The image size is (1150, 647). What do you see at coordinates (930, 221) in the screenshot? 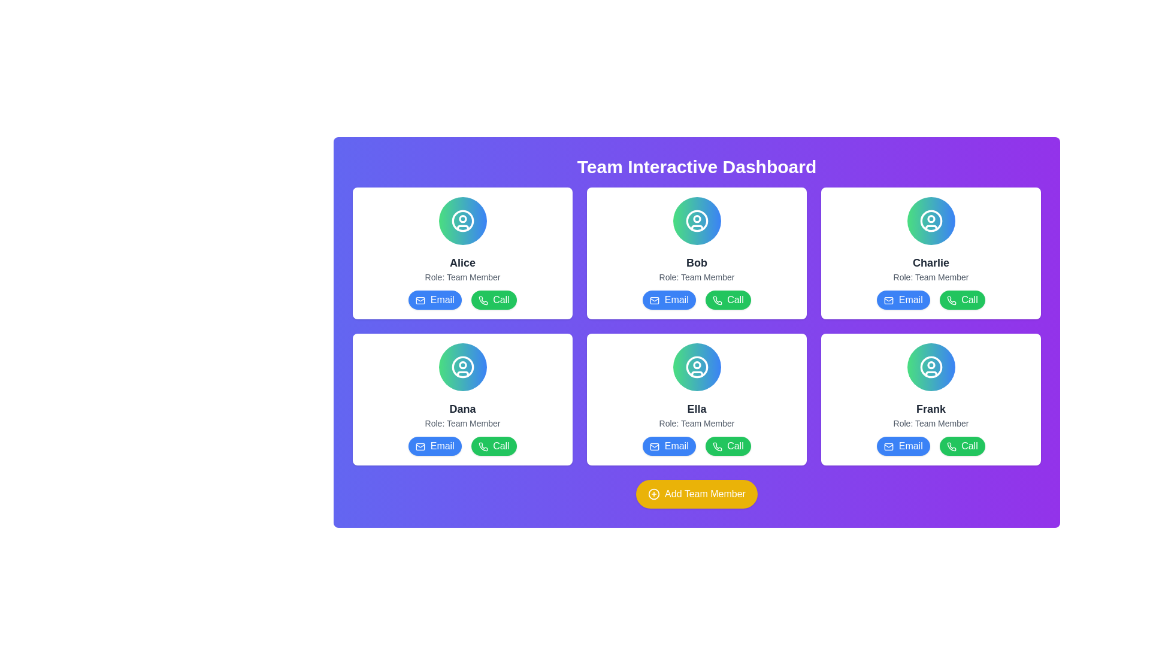
I see `the user profile icon representing Charlie, located in the top right card of the dashboard, centered within its circular background` at bounding box center [930, 221].